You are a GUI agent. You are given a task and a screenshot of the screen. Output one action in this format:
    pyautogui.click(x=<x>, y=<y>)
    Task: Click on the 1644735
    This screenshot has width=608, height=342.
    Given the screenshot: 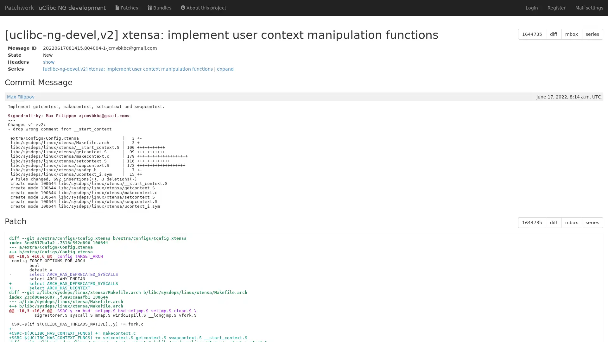 What is the action you would take?
    pyautogui.click(x=532, y=34)
    